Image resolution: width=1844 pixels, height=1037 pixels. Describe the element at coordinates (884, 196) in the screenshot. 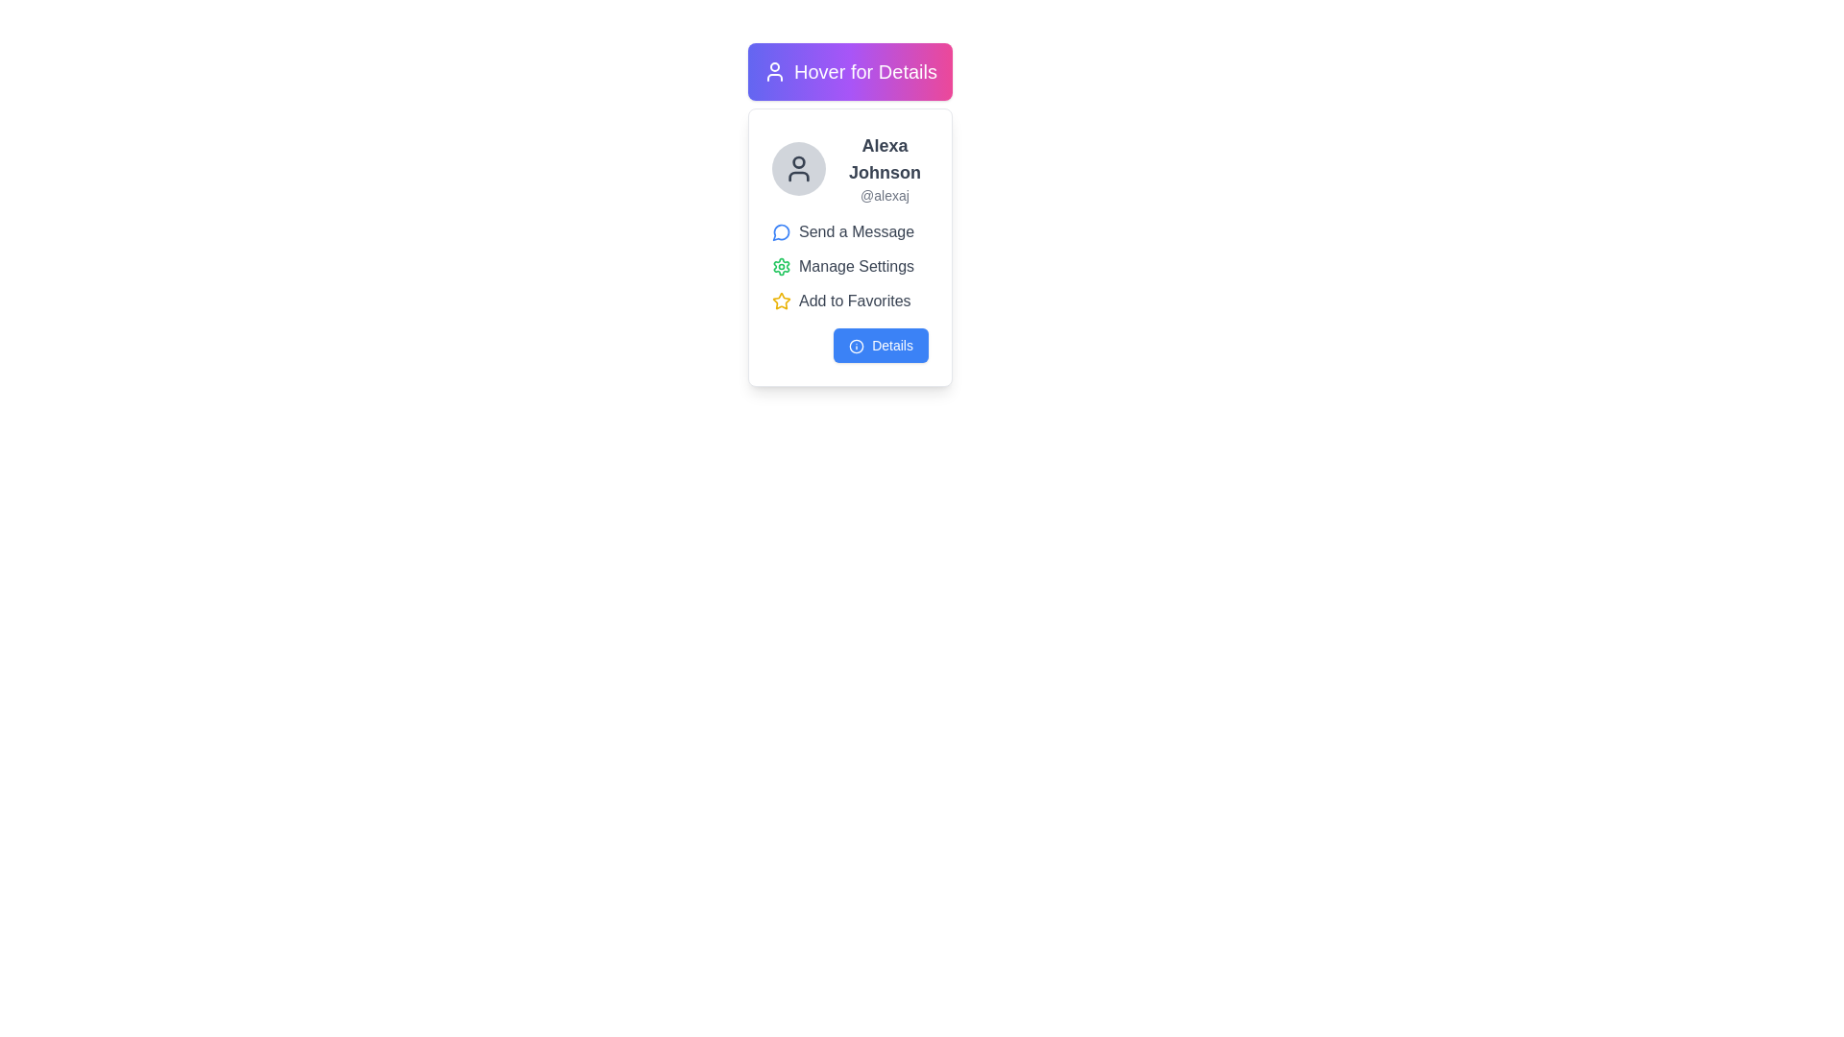

I see `the text label element displaying '@alexaj', which is in a smaller gray font positioned under 'Alexa Johnson'` at that location.